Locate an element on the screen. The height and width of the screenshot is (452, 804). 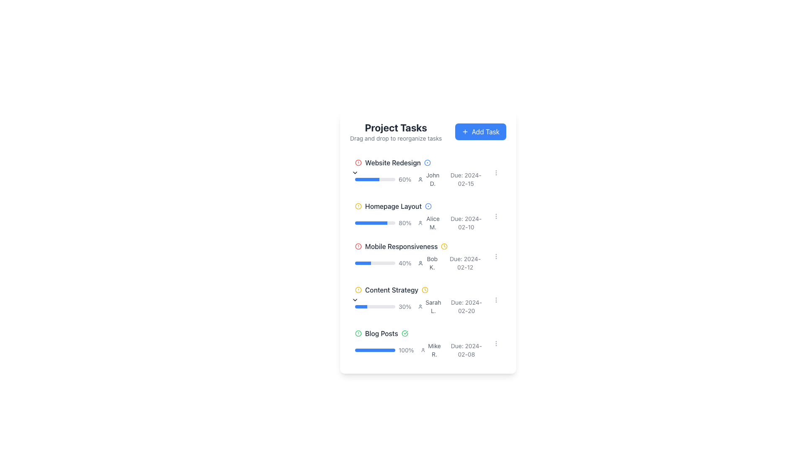
the fill level of the Progress bar indicating the completion of the 'Blog Posts' task, which is fully completed and located to the left of the text '100%' is located at coordinates (375, 350).